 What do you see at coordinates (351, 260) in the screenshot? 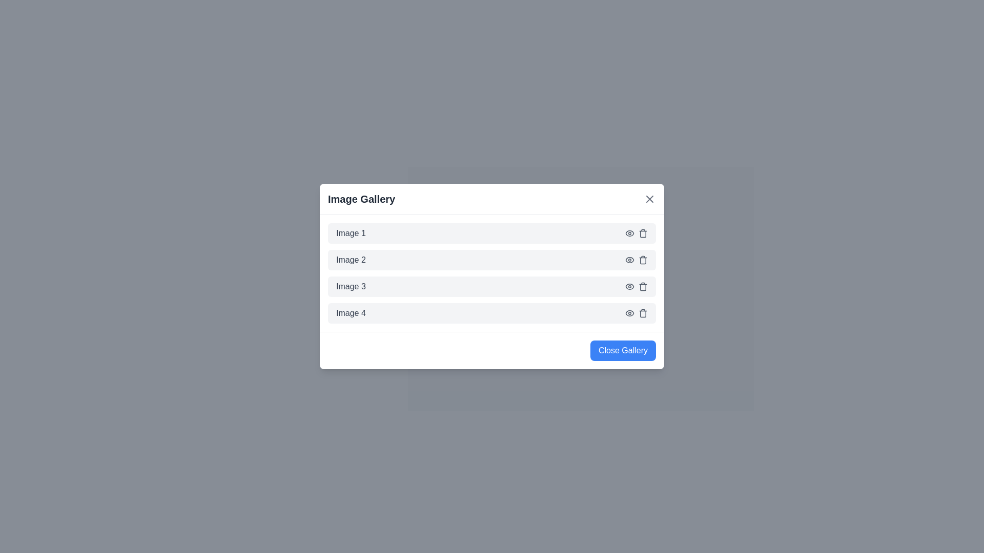
I see `the static text label displaying 'Image 2', which is styled in gray and positioned in the second row of the list of entries` at bounding box center [351, 260].